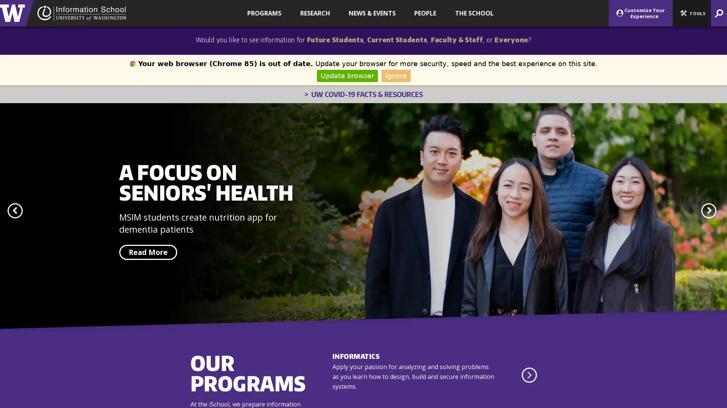 This screenshot has height=408, width=727. Describe the element at coordinates (395, 76) in the screenshot. I see `Ignore` at that location.